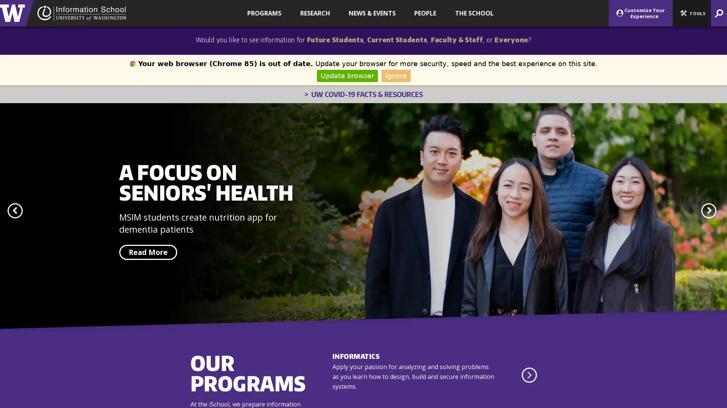 This screenshot has height=408, width=727. Describe the element at coordinates (395, 76) in the screenshot. I see `Ignore` at that location.